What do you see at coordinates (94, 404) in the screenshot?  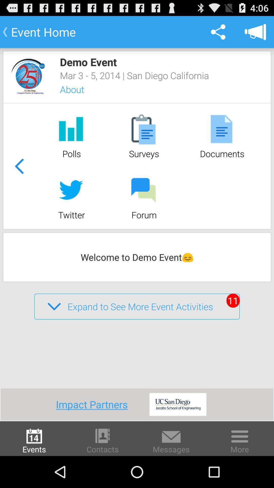 I see `impact partners` at bounding box center [94, 404].